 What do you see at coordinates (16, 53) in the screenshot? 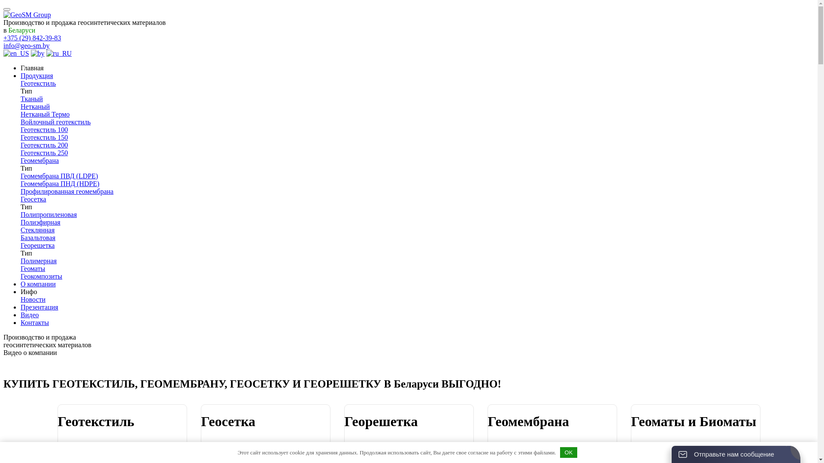
I see `'English'` at bounding box center [16, 53].